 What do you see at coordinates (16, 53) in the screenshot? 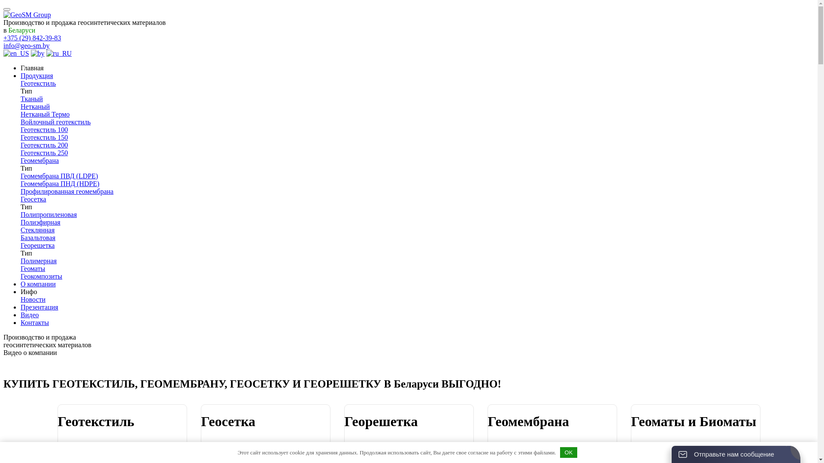
I see `'English'` at bounding box center [16, 53].